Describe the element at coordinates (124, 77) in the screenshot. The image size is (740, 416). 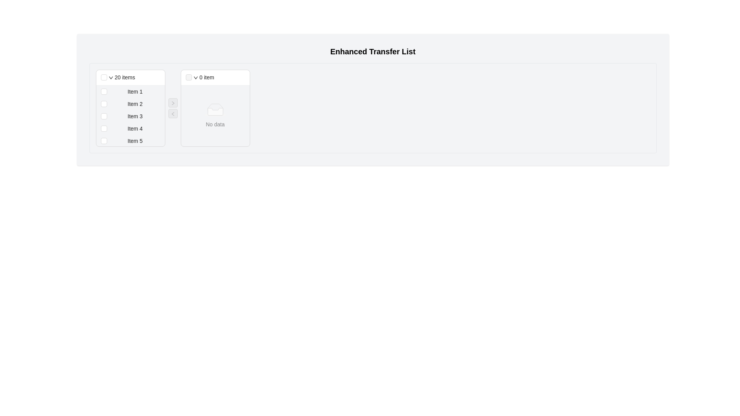
I see `the text label displaying '20 items' located in the header of the left transfer list panel, just to the right of a checkbox and a dropdown arrow icon` at that location.